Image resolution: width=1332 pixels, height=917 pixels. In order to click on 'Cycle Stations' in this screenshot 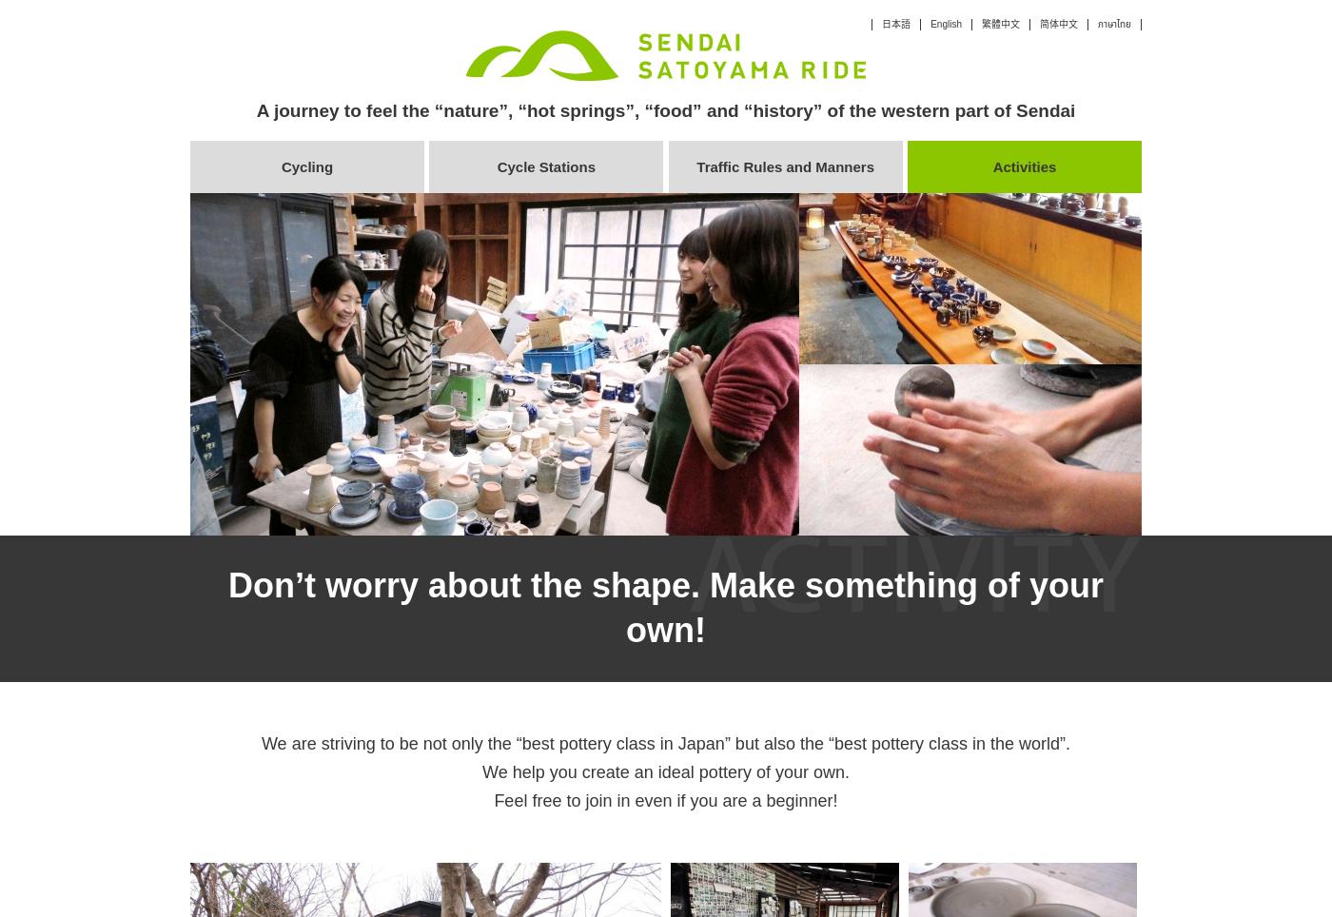, I will do `click(497, 166)`.